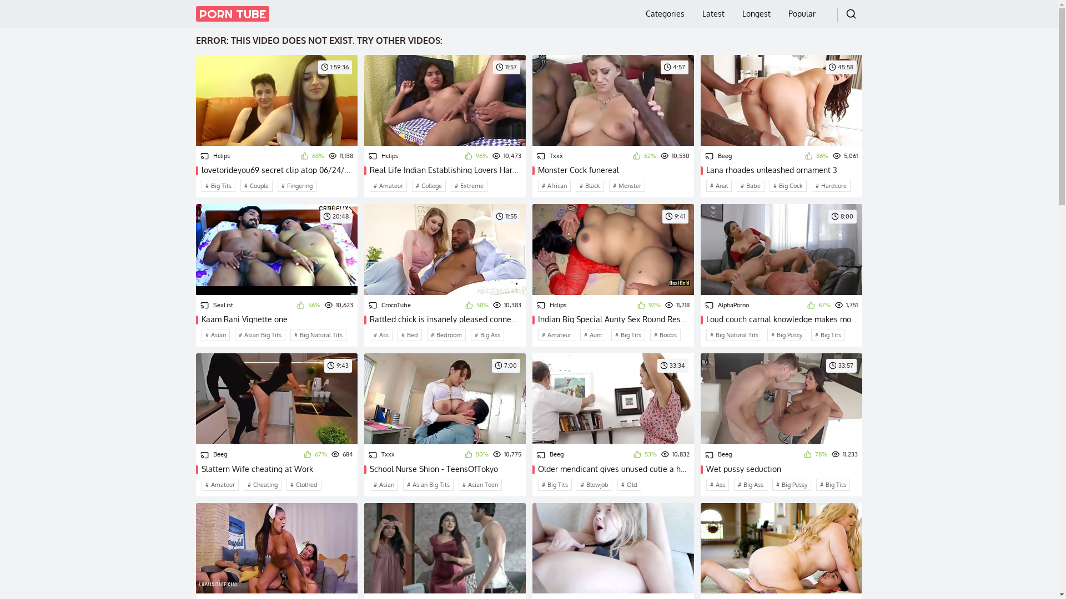  What do you see at coordinates (469, 185) in the screenshot?
I see `'Extreme'` at bounding box center [469, 185].